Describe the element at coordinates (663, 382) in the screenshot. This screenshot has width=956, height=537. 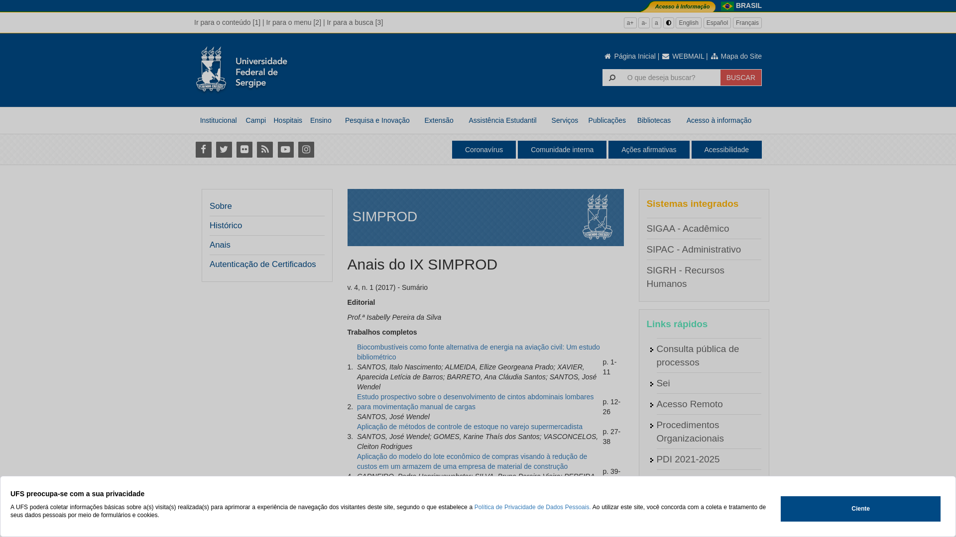
I see `'Sei'` at that location.